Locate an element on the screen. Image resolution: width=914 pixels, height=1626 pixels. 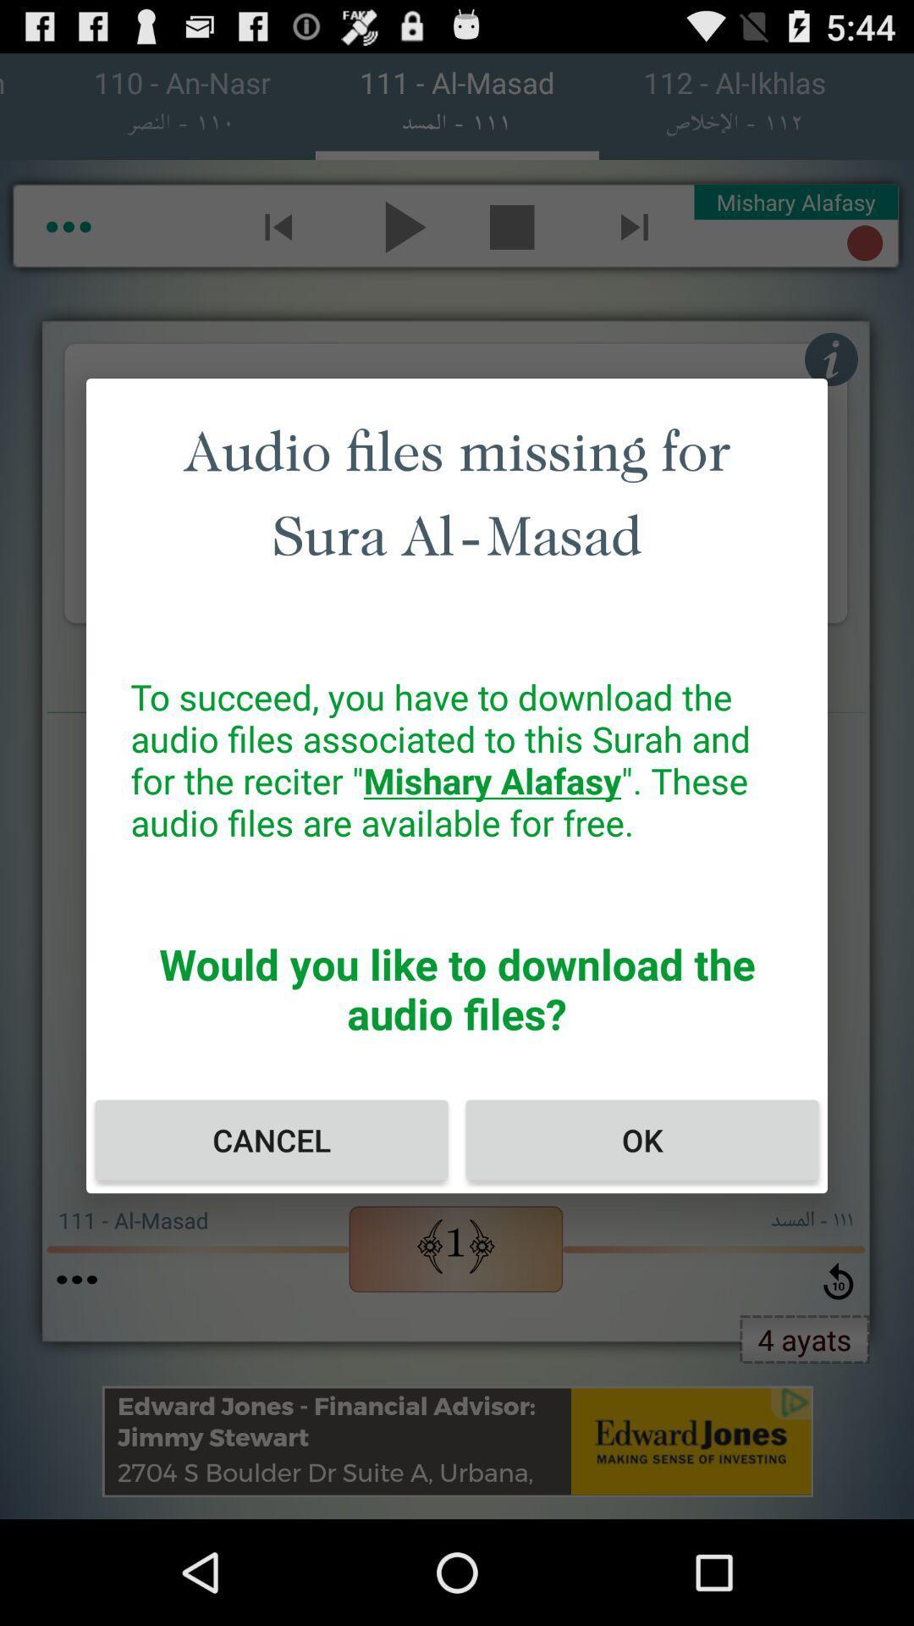
icon next to ok icon is located at coordinates (270, 1140).